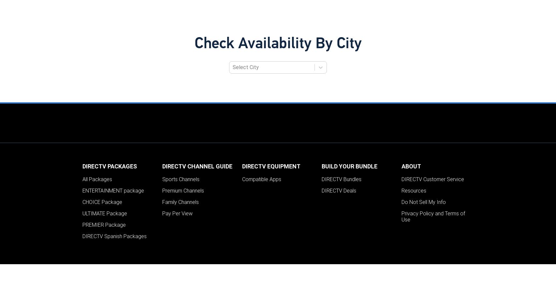 Image resolution: width=556 pixels, height=301 pixels. I want to click on 'Privacy Policy and Terms of Use', so click(433, 216).